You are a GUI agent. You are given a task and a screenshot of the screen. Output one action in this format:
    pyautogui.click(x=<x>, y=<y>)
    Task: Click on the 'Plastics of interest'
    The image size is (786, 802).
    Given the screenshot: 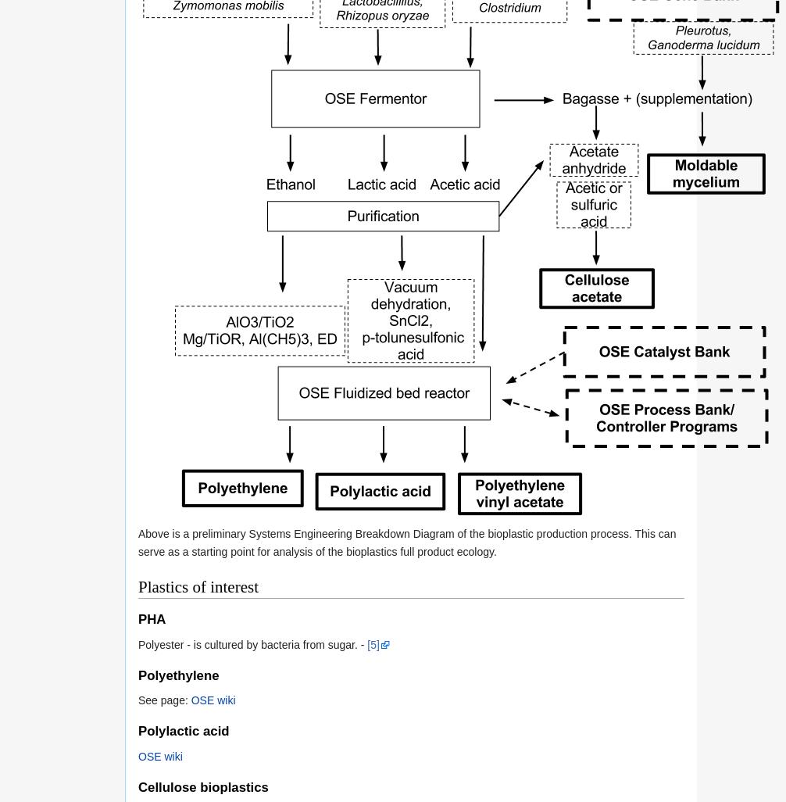 What is the action you would take?
    pyautogui.click(x=138, y=586)
    